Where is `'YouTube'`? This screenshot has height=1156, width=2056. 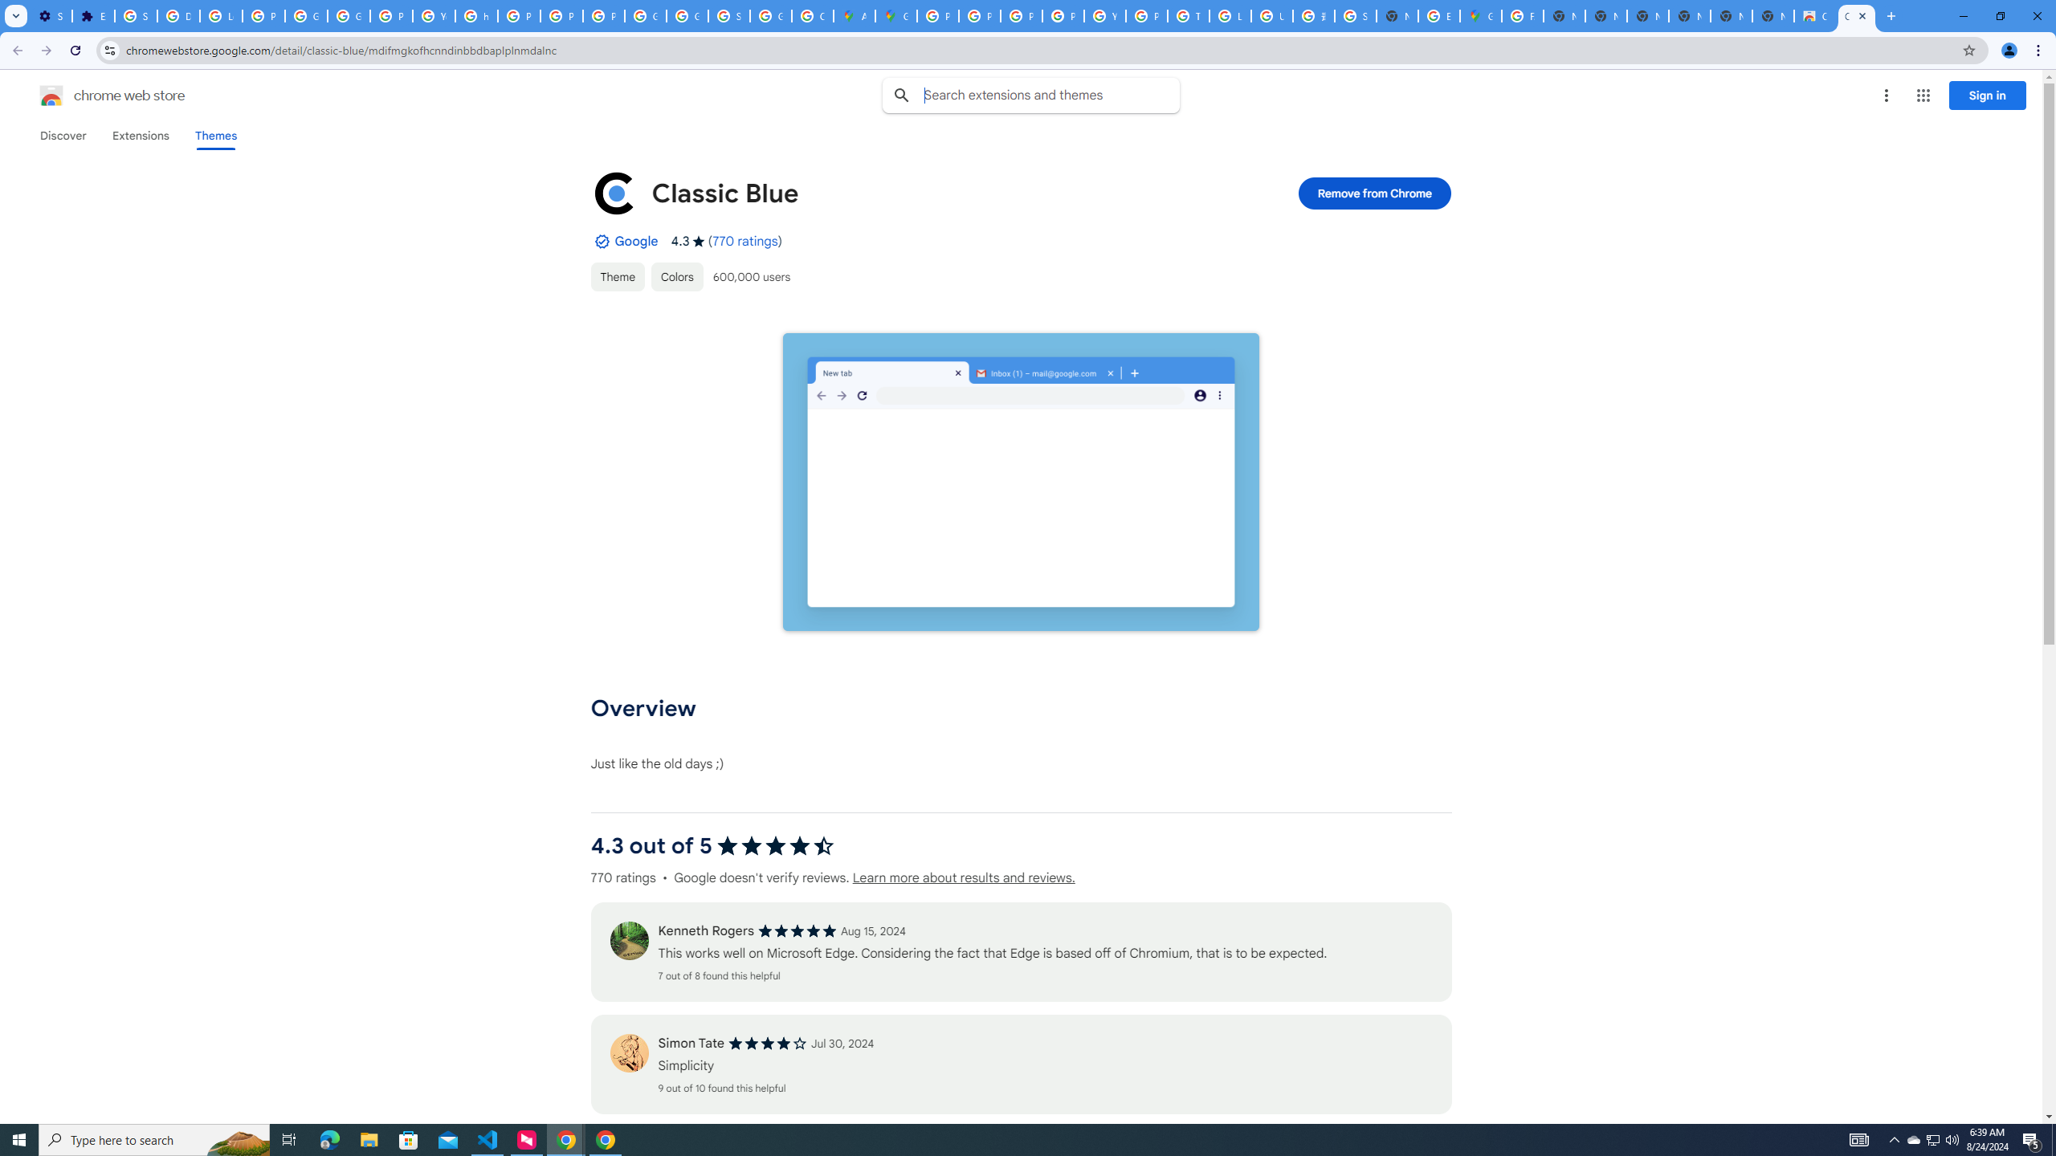
'YouTube' is located at coordinates (433, 15).